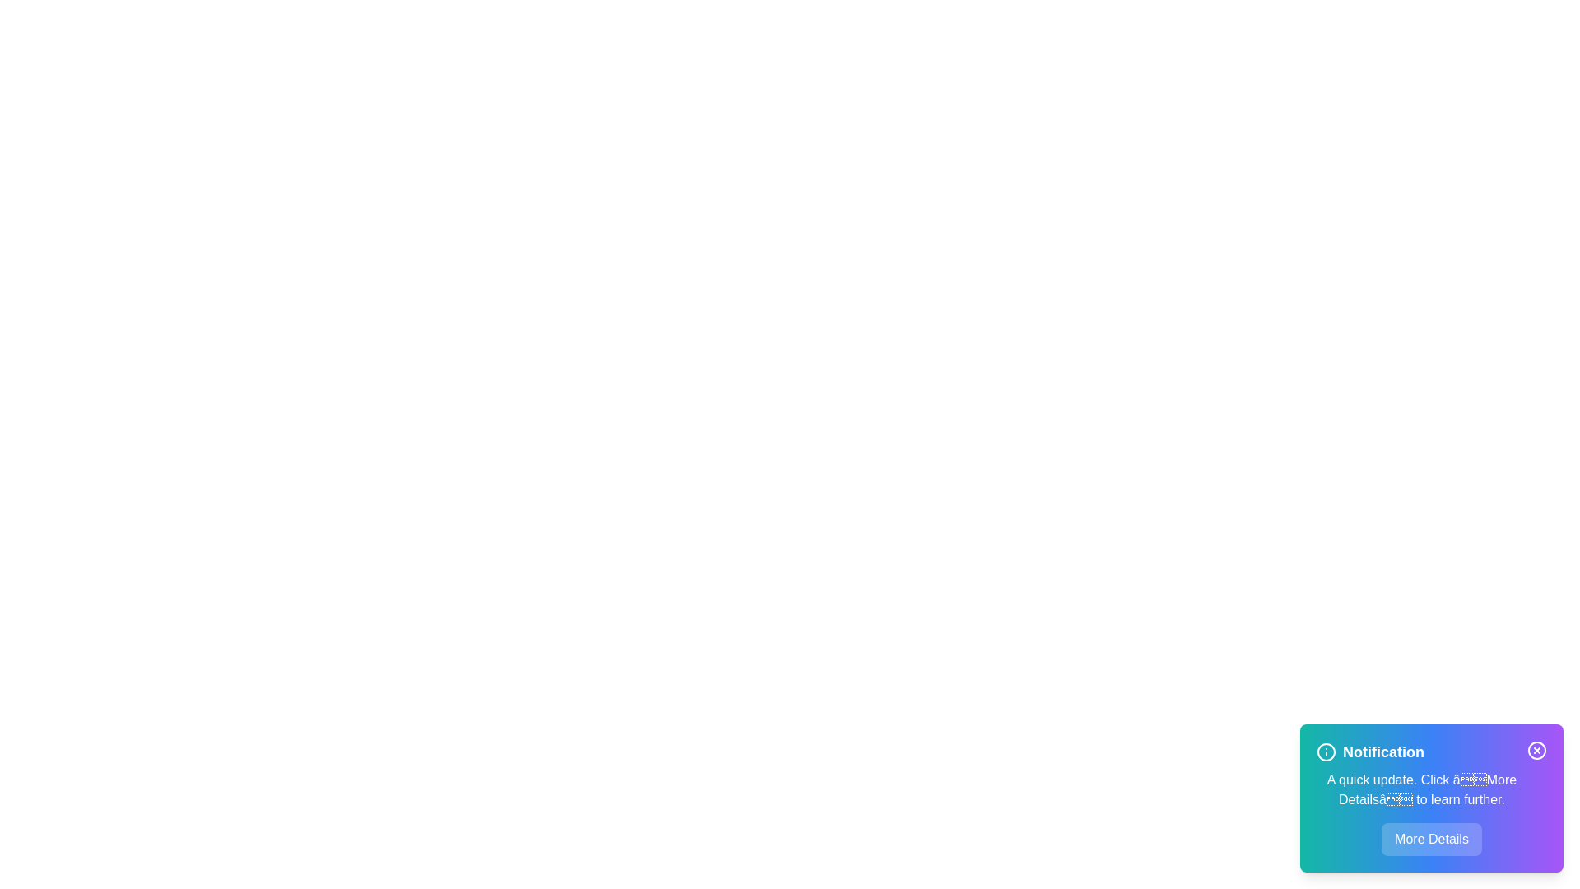  I want to click on the 'Notification' heading, so click(1421, 752).